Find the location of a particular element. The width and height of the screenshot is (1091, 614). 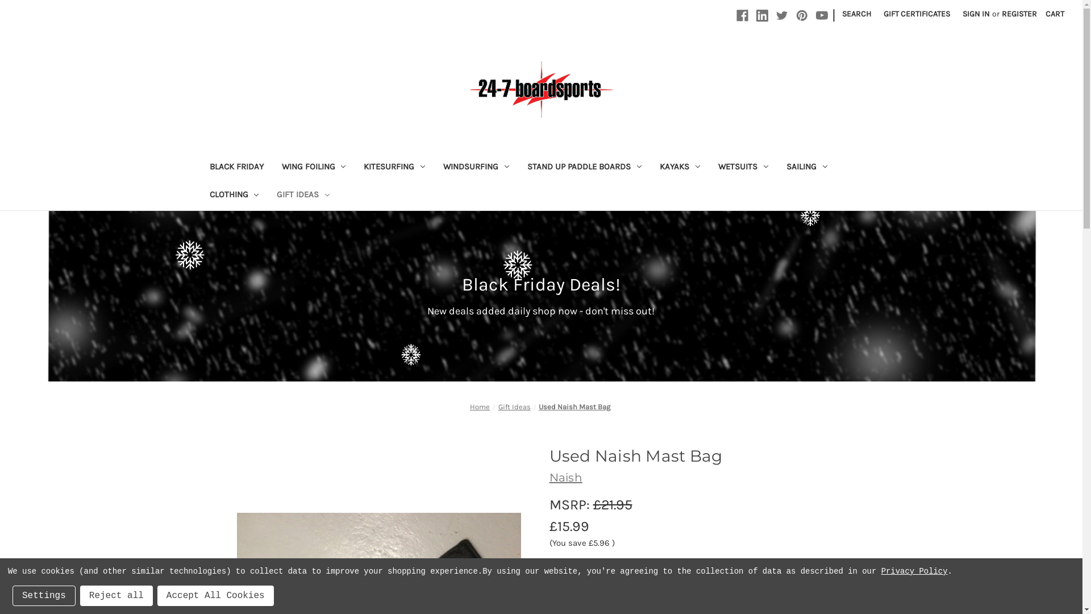

'Twitter' is located at coordinates (776, 15).